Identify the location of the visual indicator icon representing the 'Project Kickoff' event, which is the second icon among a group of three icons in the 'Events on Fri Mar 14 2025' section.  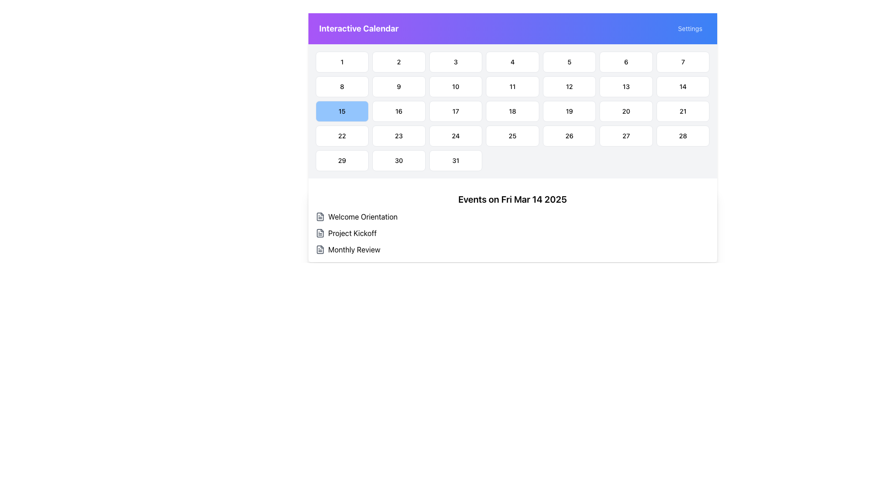
(320, 232).